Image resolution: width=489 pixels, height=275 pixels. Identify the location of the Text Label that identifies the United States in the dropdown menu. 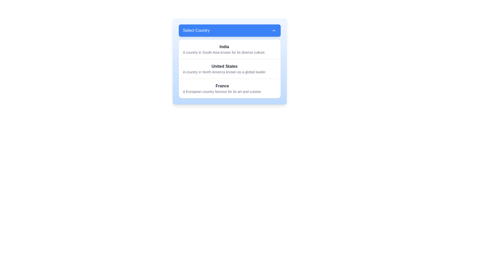
(224, 66).